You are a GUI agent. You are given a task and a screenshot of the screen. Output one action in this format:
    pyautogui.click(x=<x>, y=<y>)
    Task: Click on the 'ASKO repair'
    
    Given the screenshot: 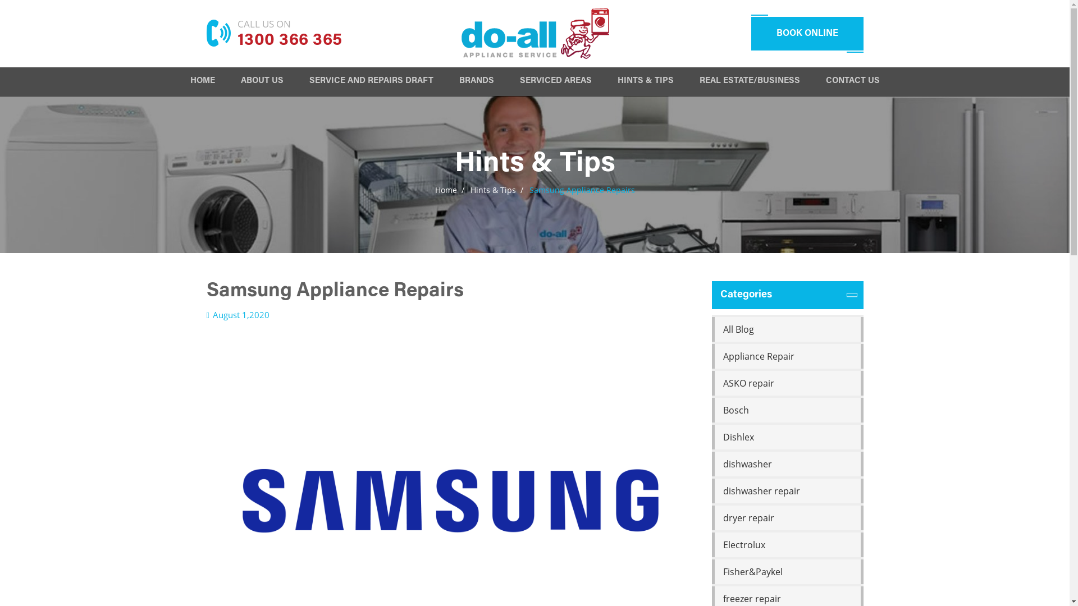 What is the action you would take?
    pyautogui.click(x=787, y=382)
    